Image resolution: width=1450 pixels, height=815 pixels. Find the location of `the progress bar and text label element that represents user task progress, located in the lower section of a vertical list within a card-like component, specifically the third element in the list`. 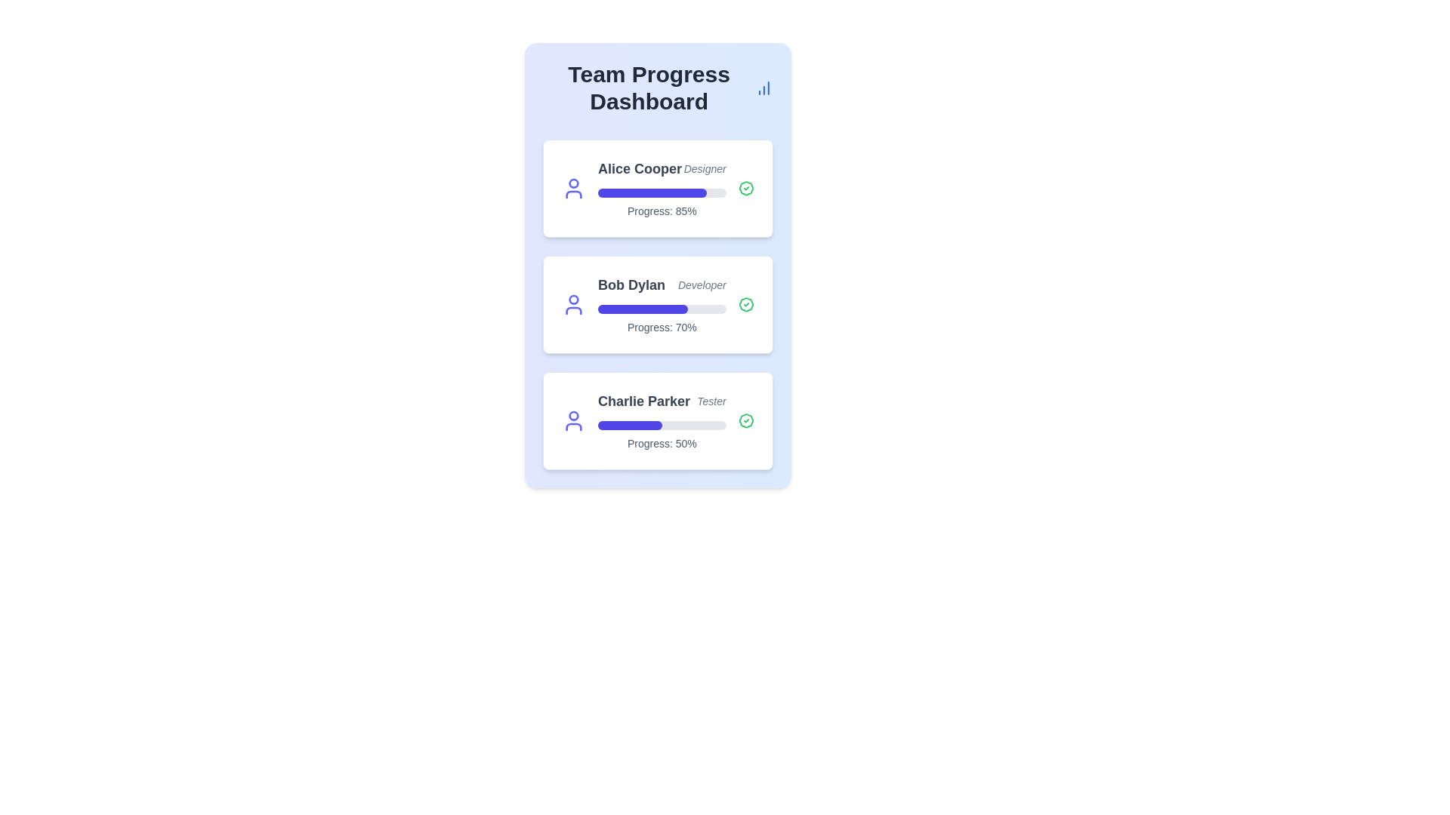

the progress bar and text label element that represents user task progress, located in the lower section of a vertical list within a card-like component, specifically the third element in the list is located at coordinates (662, 421).